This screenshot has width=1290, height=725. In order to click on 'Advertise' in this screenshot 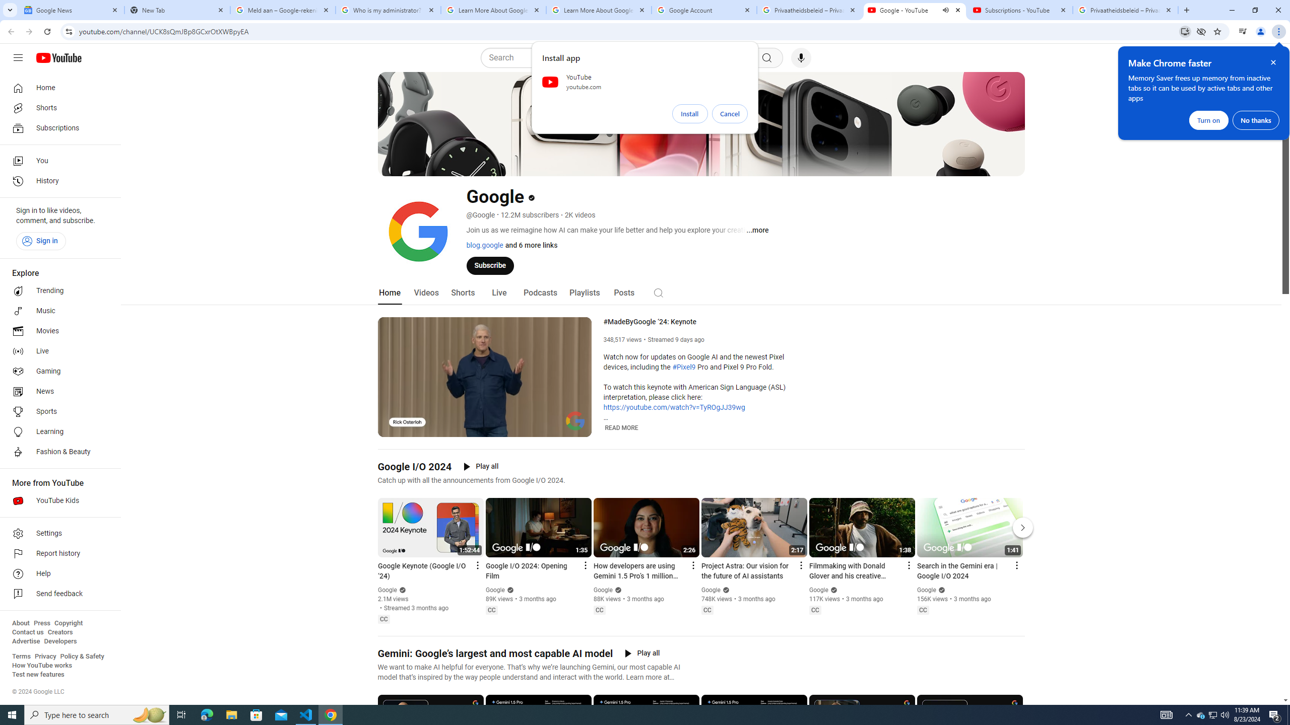, I will do `click(25, 640)`.